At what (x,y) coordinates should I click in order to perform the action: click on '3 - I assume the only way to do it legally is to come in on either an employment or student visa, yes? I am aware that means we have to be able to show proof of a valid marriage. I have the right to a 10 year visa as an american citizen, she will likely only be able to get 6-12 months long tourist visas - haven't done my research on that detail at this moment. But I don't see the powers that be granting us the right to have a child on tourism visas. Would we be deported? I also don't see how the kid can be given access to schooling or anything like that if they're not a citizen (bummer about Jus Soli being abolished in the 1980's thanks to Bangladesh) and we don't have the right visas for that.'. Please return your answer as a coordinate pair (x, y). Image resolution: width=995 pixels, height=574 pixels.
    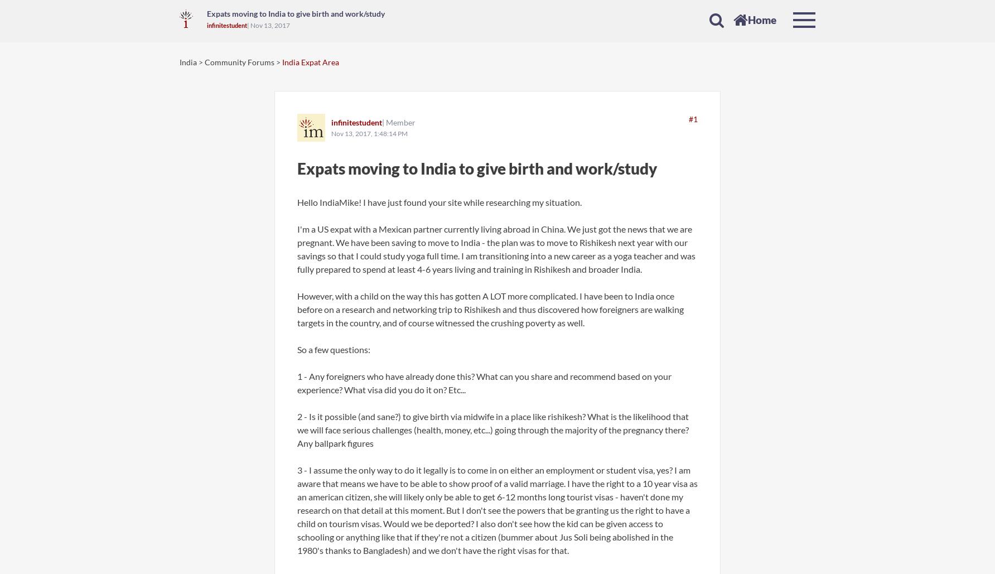
    Looking at the image, I should click on (497, 509).